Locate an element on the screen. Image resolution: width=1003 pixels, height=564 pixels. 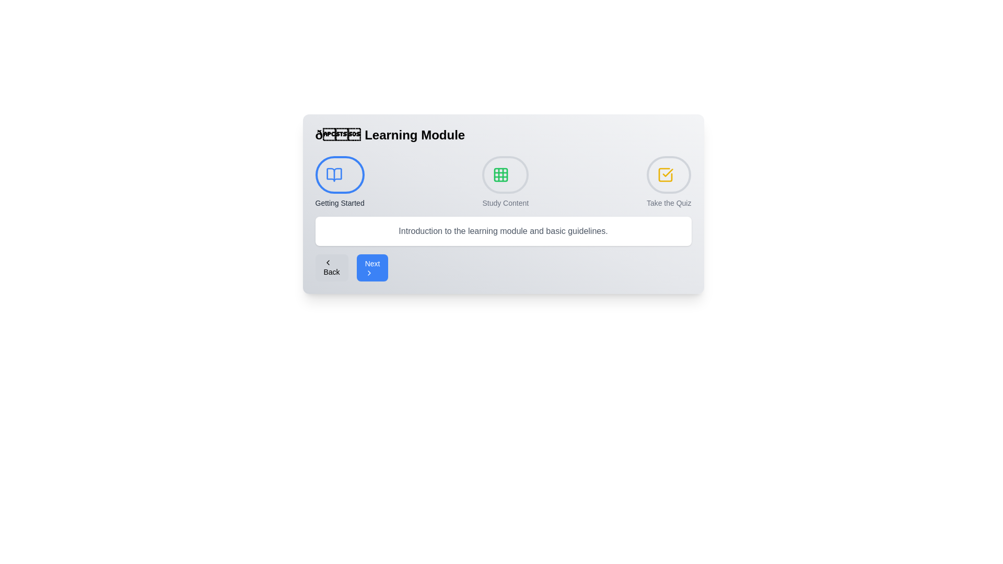
the step indicator for Take the Quiz to navigate to that step is located at coordinates (669, 174).